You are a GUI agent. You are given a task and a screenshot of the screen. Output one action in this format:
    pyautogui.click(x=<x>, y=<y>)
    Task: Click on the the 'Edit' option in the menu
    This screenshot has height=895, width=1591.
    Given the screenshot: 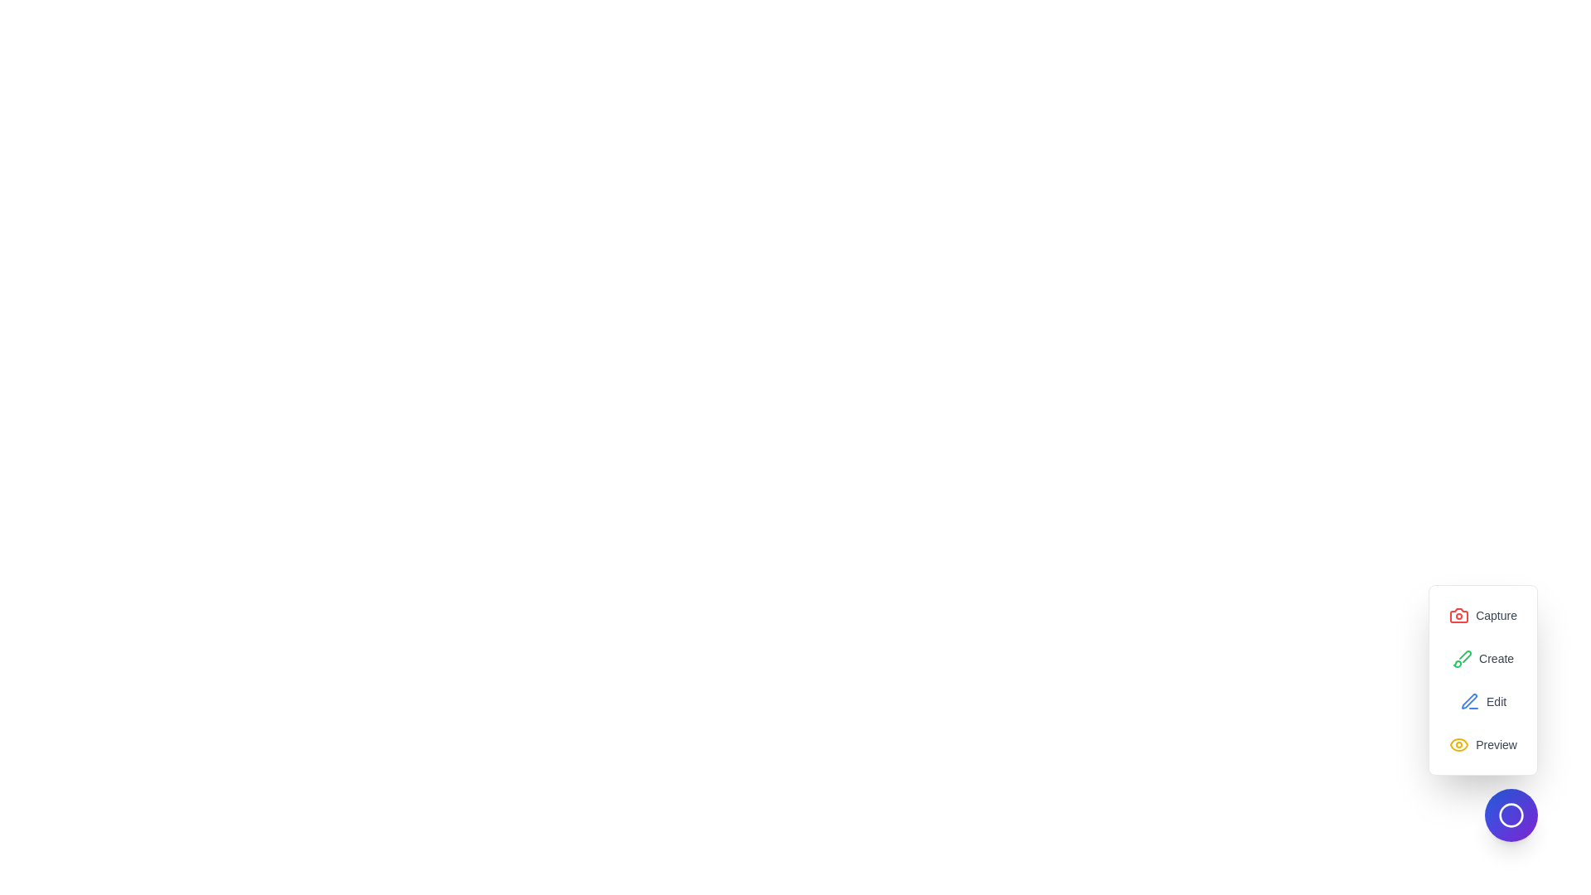 What is the action you would take?
    pyautogui.click(x=1483, y=702)
    